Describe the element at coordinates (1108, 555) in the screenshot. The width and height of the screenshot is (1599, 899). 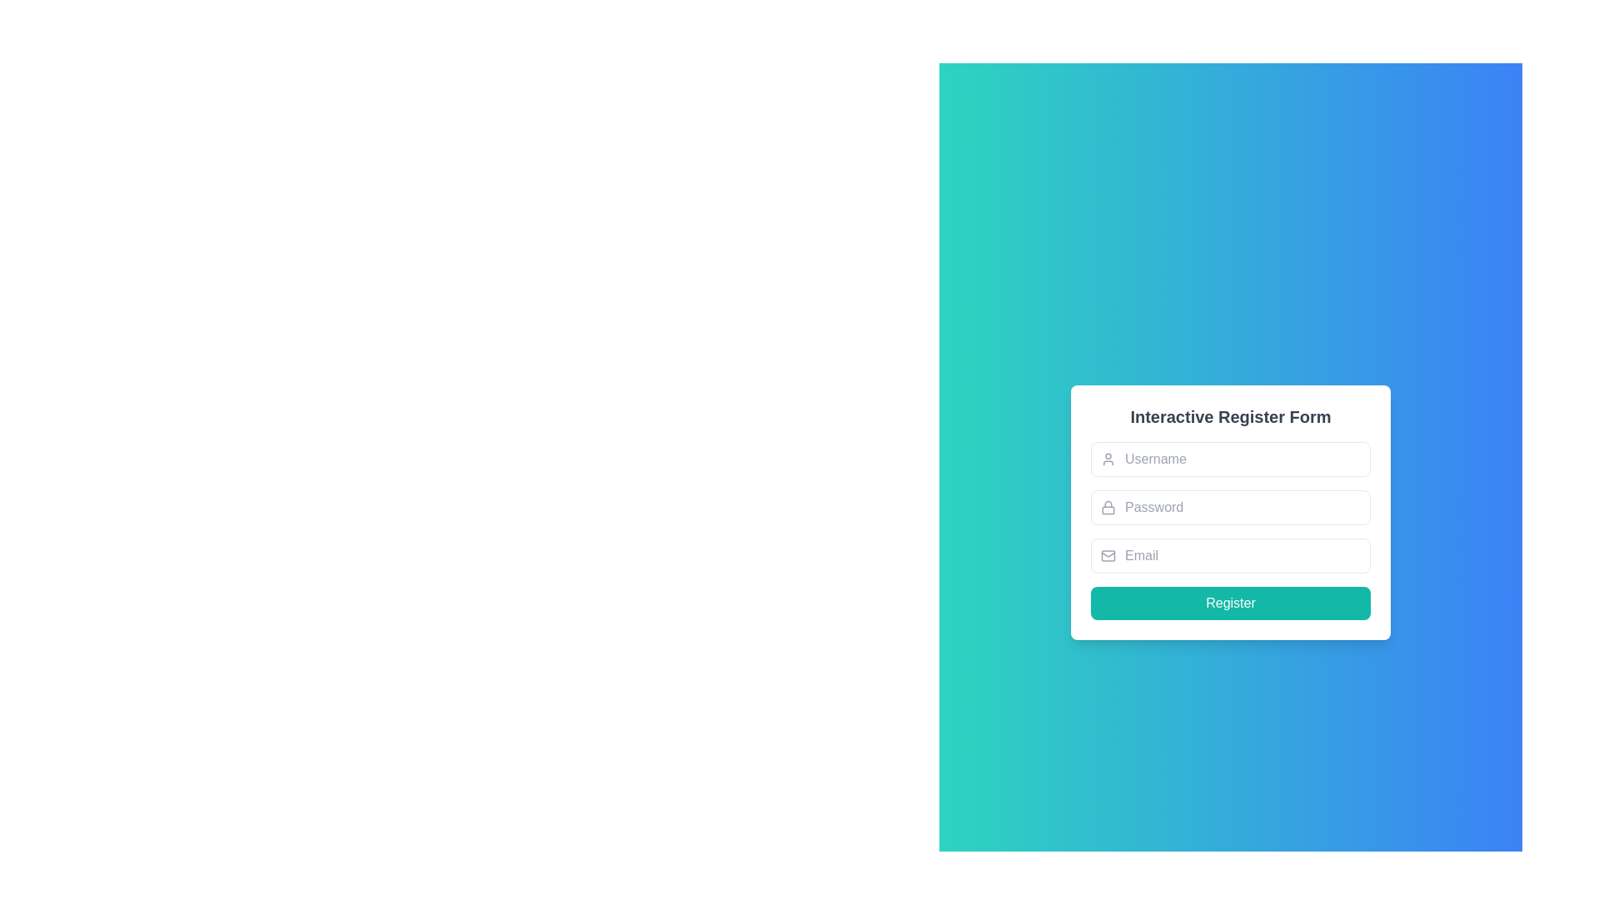
I see `SVG graphical element representing part of the envelope icon, which has rounded corners and a white fill, located in the upper-middle part of the interactive registration form, by using the developer tools` at that location.